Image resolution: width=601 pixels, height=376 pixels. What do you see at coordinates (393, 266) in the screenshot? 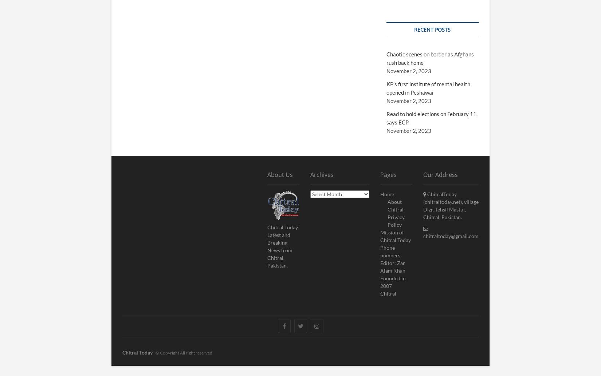
I see `'Editor: Zar Alam Khan'` at bounding box center [393, 266].